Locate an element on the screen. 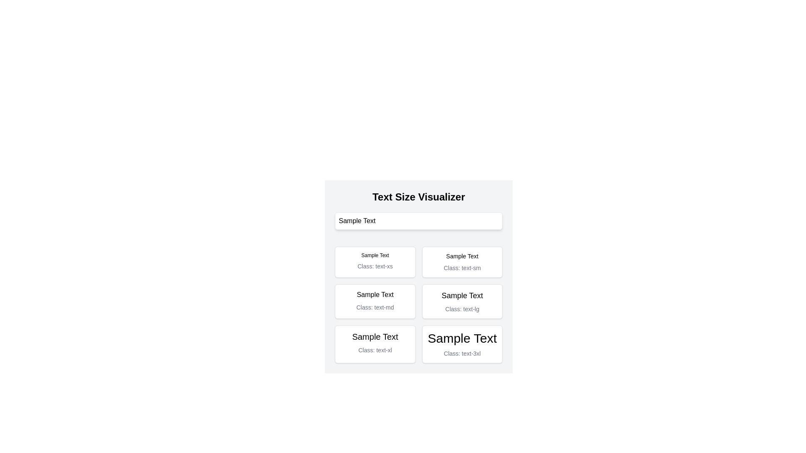 The image size is (806, 453). the static text label displaying 'Sample Text' in the 'Text Size Visualizer' section, which is the top text field in the 3rd card of the 2x3 grid layout is located at coordinates (374, 294).